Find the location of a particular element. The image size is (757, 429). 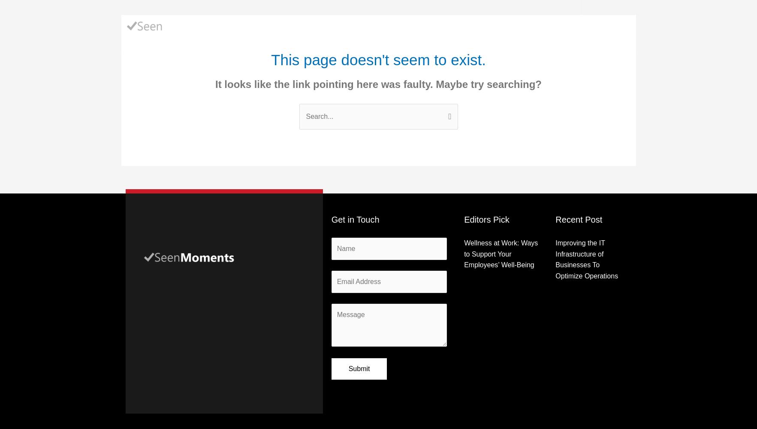

'Money & Finance' is located at coordinates (399, 26).